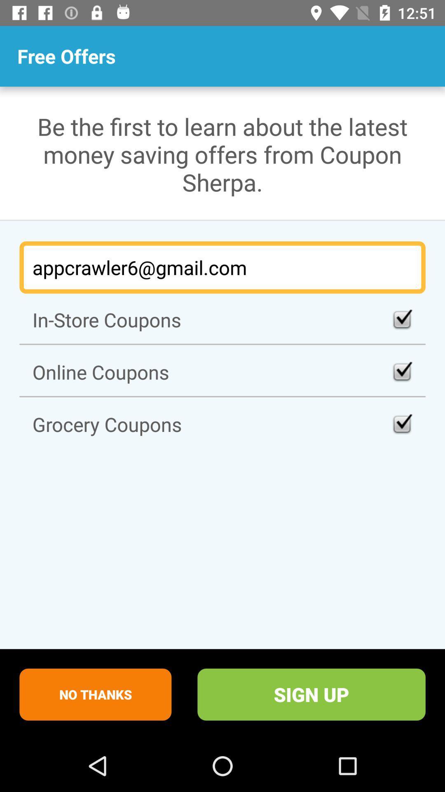  Describe the element at coordinates (222, 319) in the screenshot. I see `the in-store coupons item` at that location.